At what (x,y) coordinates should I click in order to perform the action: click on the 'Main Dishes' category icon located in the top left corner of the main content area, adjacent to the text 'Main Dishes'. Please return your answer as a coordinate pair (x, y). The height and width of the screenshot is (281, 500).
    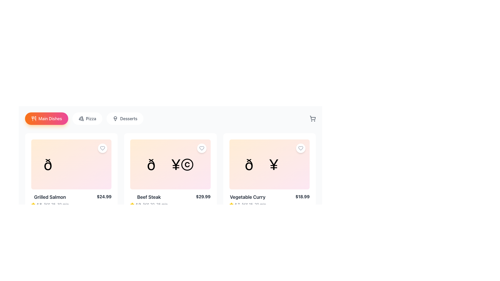
    Looking at the image, I should click on (33, 118).